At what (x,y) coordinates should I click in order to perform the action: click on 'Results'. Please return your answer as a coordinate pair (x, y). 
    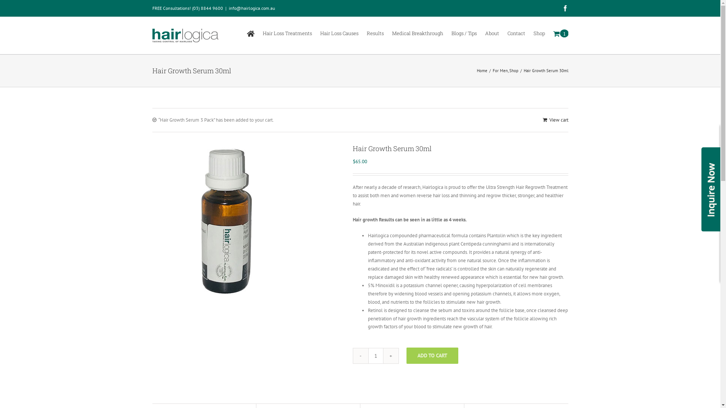
    Looking at the image, I should click on (375, 32).